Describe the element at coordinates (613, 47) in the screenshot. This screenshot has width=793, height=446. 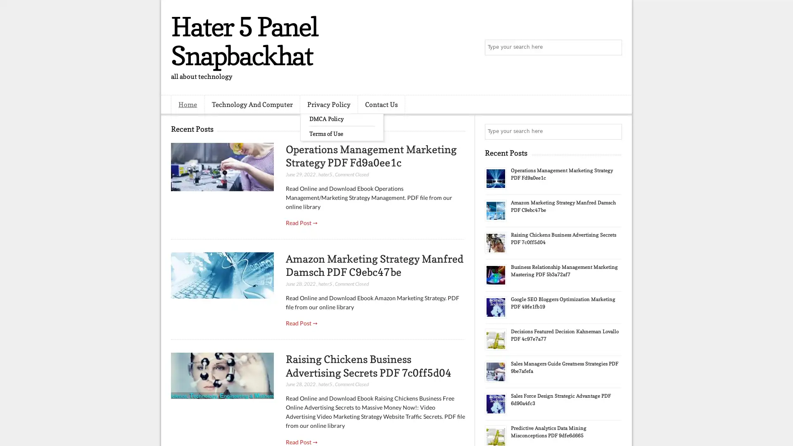
I see `Search` at that location.